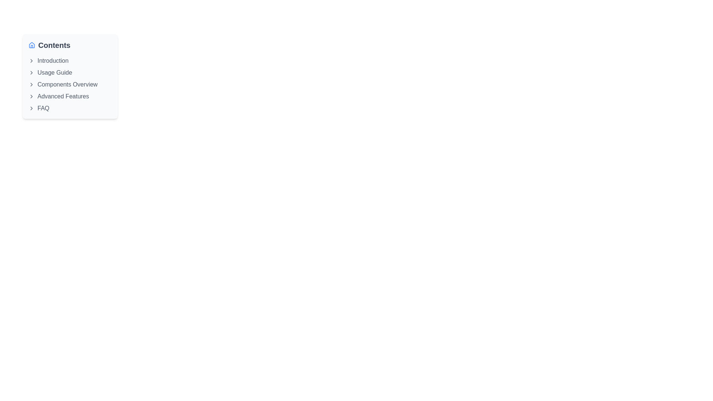 The width and height of the screenshot is (713, 401). Describe the element at coordinates (32, 45) in the screenshot. I see `the home icon located to the left of the 'Contents' text in the navigation menu` at that location.